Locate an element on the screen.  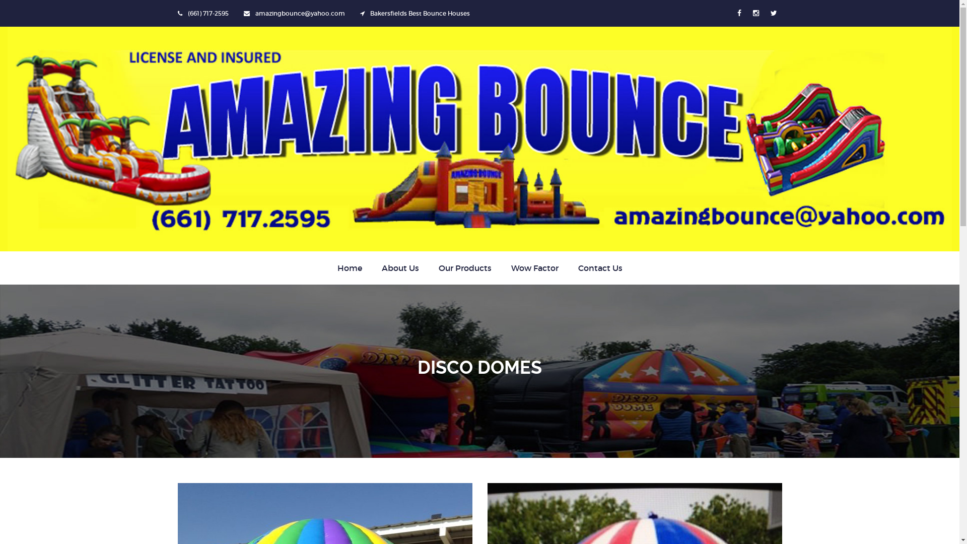
'Wow Factor' is located at coordinates (533, 267).